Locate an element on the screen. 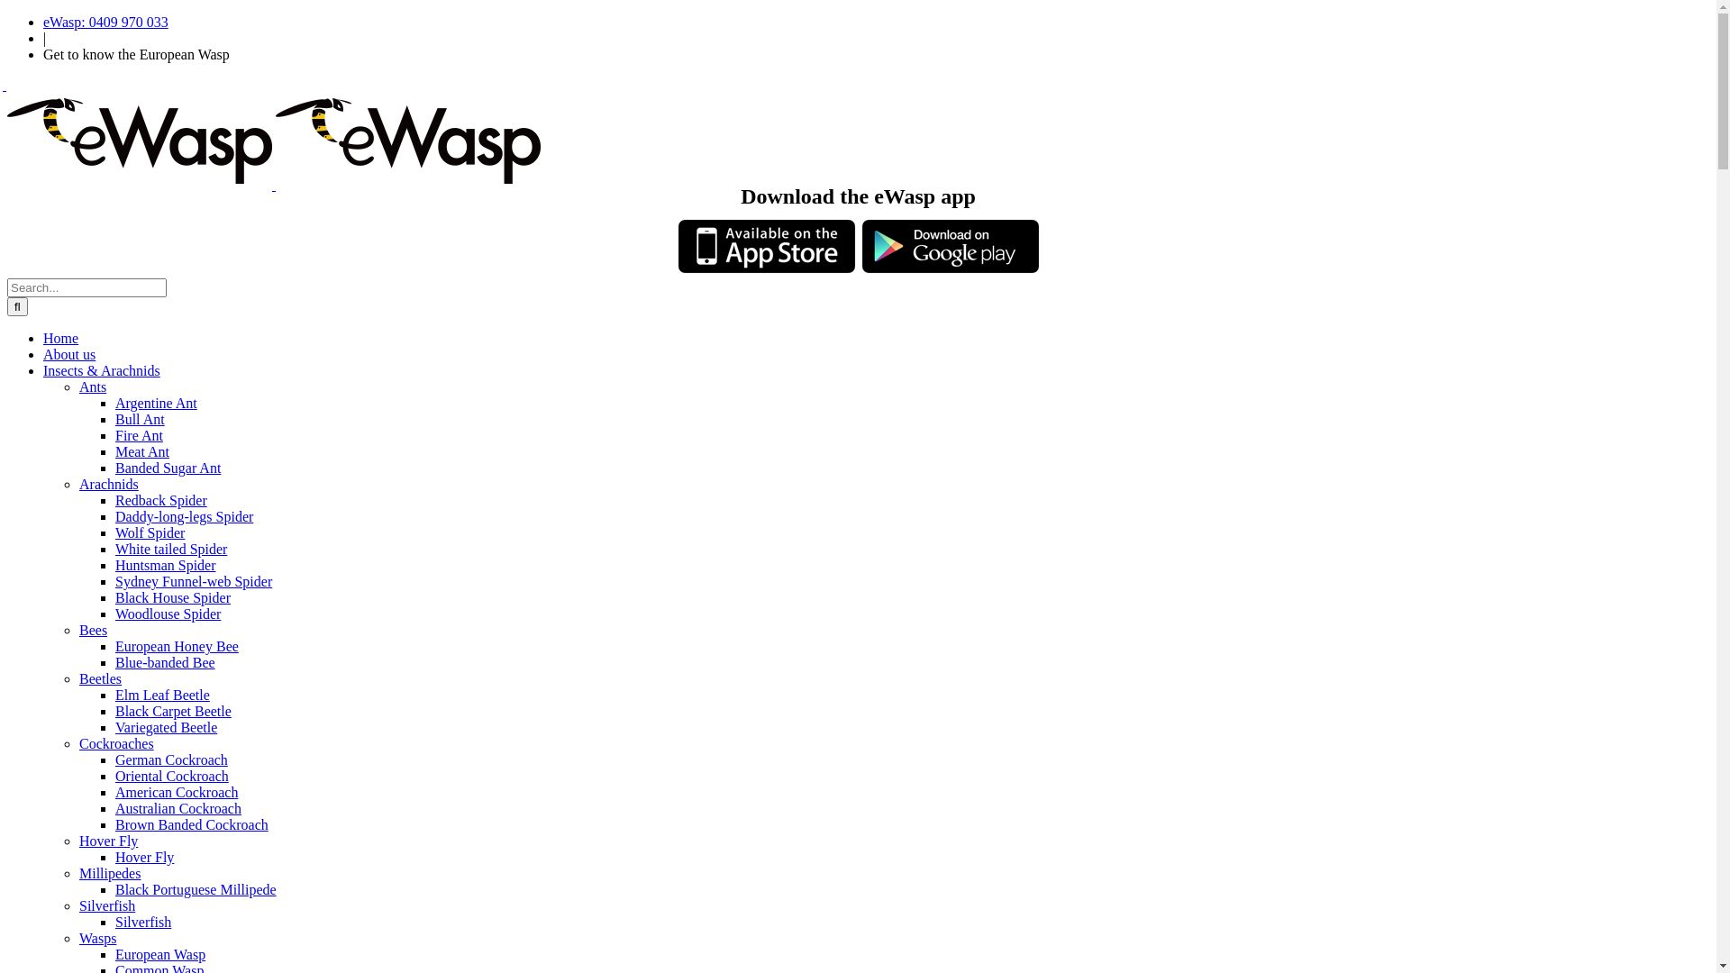  'Wasps' is located at coordinates (96, 937).